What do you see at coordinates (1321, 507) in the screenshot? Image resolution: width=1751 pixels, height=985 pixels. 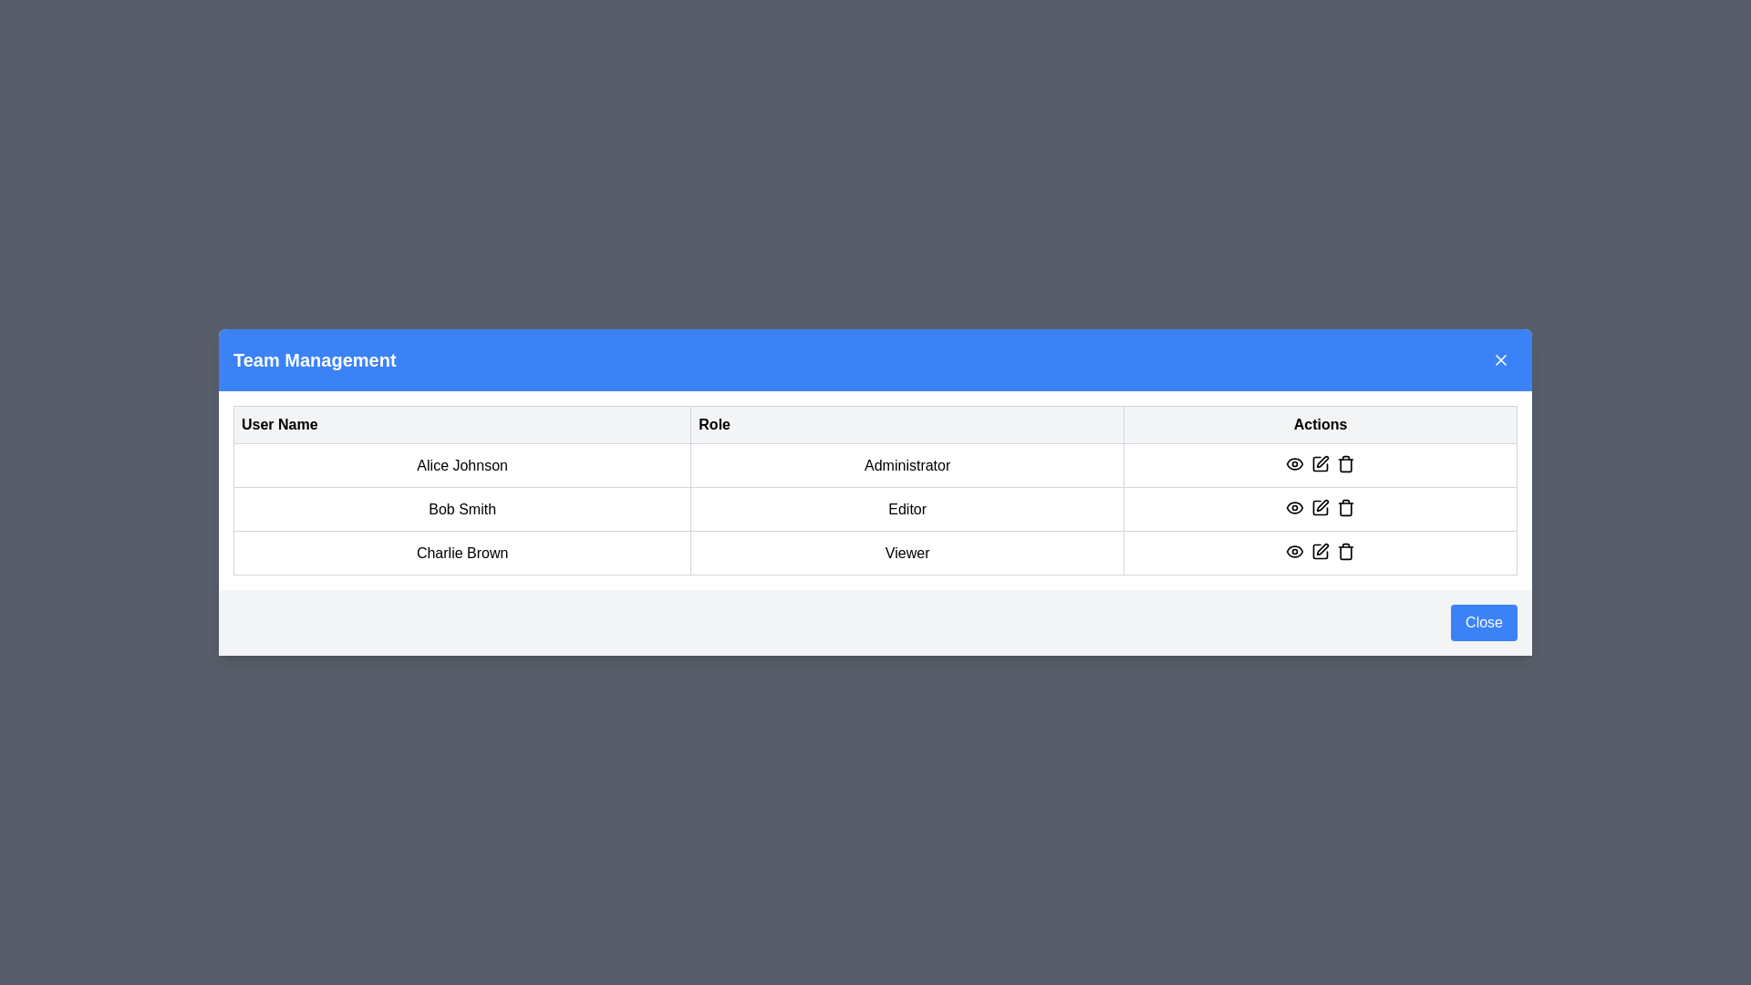 I see `the graphic icon component representing an editing action for the user 'Bob Smith' in the second row of the 'Actions' column` at bounding box center [1321, 507].